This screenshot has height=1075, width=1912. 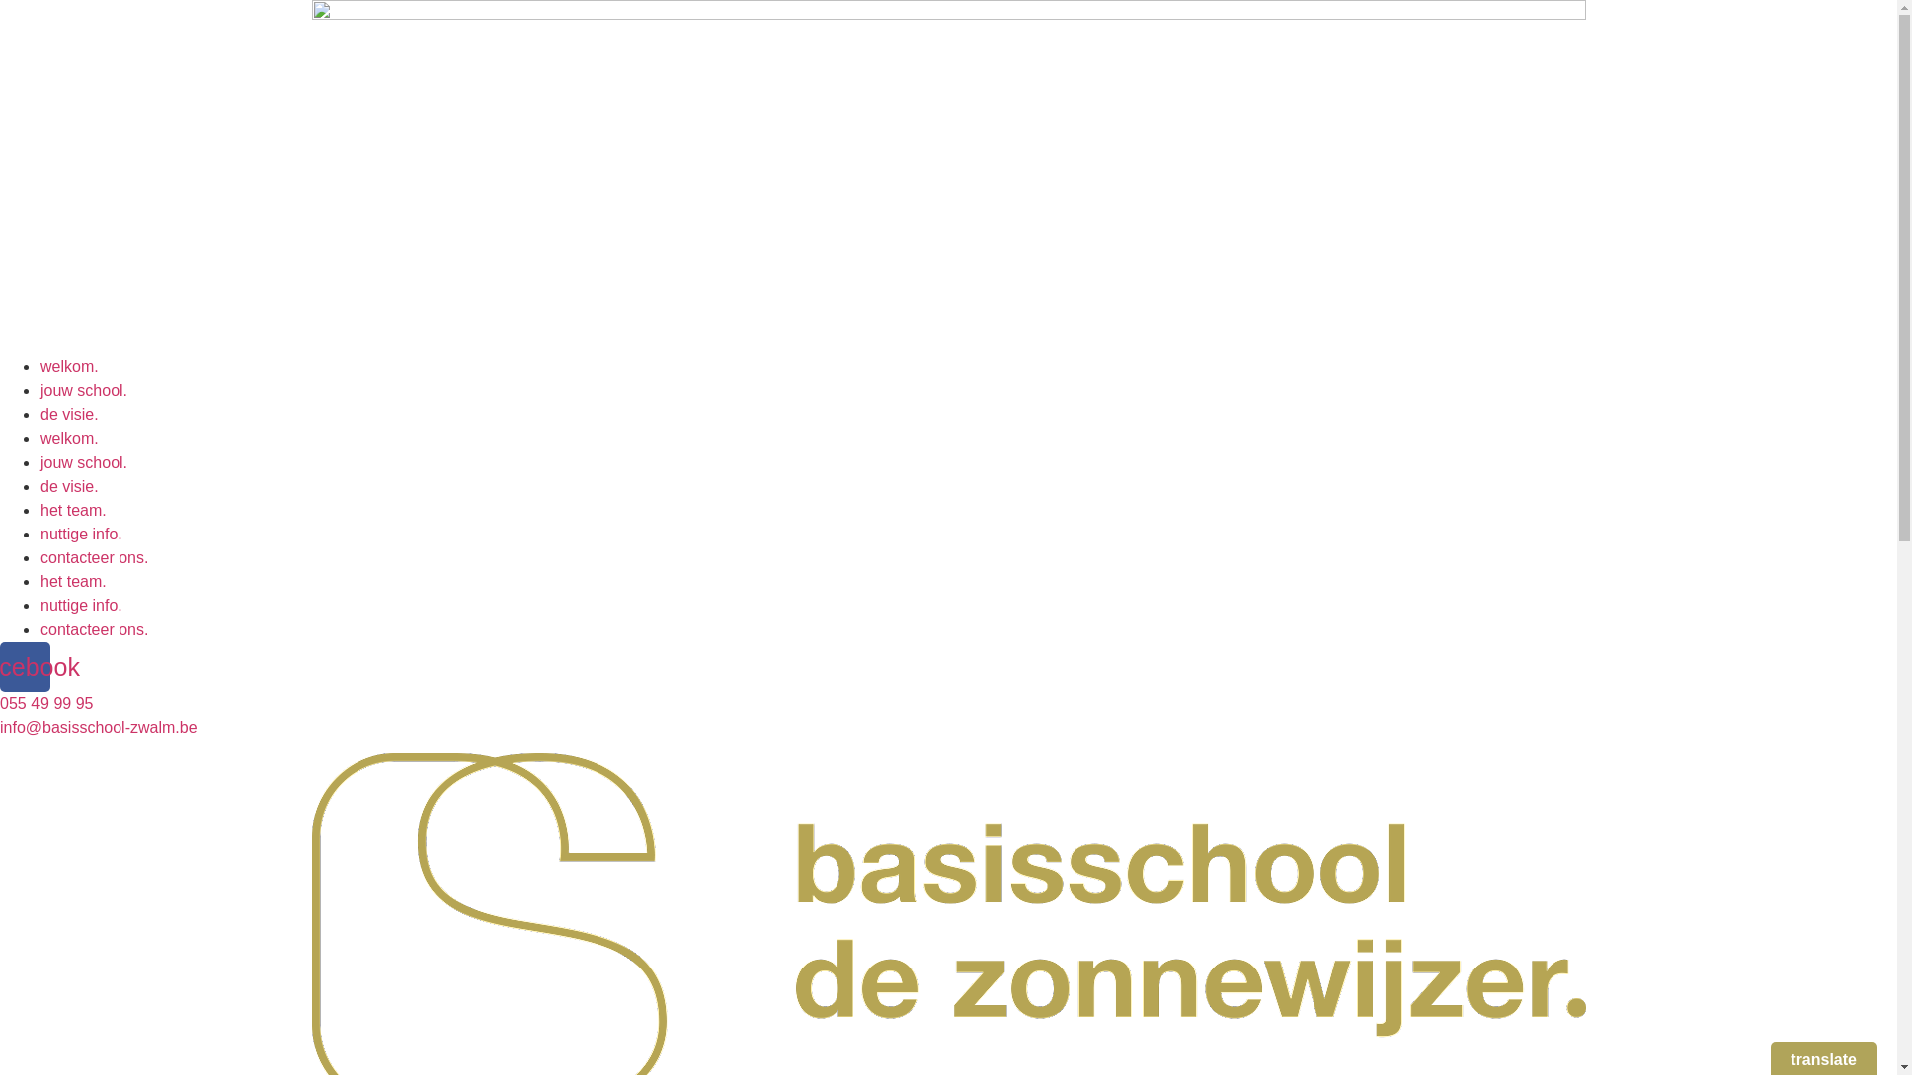 What do you see at coordinates (39, 390) in the screenshot?
I see `'jouw school.'` at bounding box center [39, 390].